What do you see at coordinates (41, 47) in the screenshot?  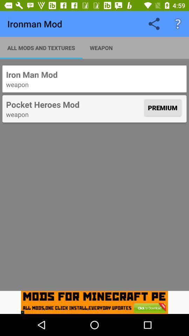 I see `the item below ironman mod icon` at bounding box center [41, 47].